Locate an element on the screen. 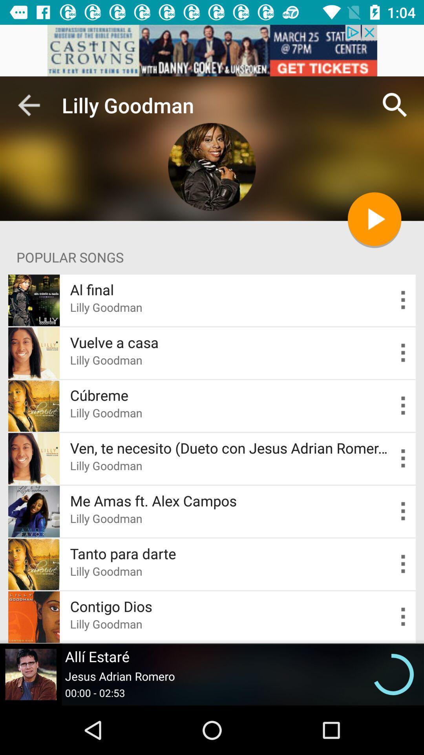 The image size is (424, 755). the more icon is located at coordinates (403, 300).